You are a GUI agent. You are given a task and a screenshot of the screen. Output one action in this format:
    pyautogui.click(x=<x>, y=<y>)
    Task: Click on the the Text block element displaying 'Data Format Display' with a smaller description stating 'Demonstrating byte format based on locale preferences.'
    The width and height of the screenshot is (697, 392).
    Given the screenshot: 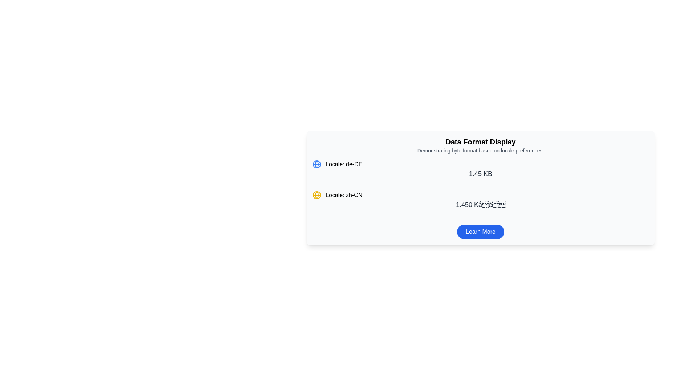 What is the action you would take?
    pyautogui.click(x=481, y=146)
    